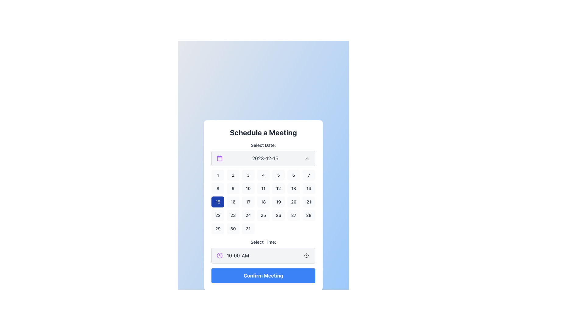 This screenshot has width=585, height=329. Describe the element at coordinates (263, 188) in the screenshot. I see `a date cell in the Date Picker Calendar Component located below the 'Select Date:' header` at that location.